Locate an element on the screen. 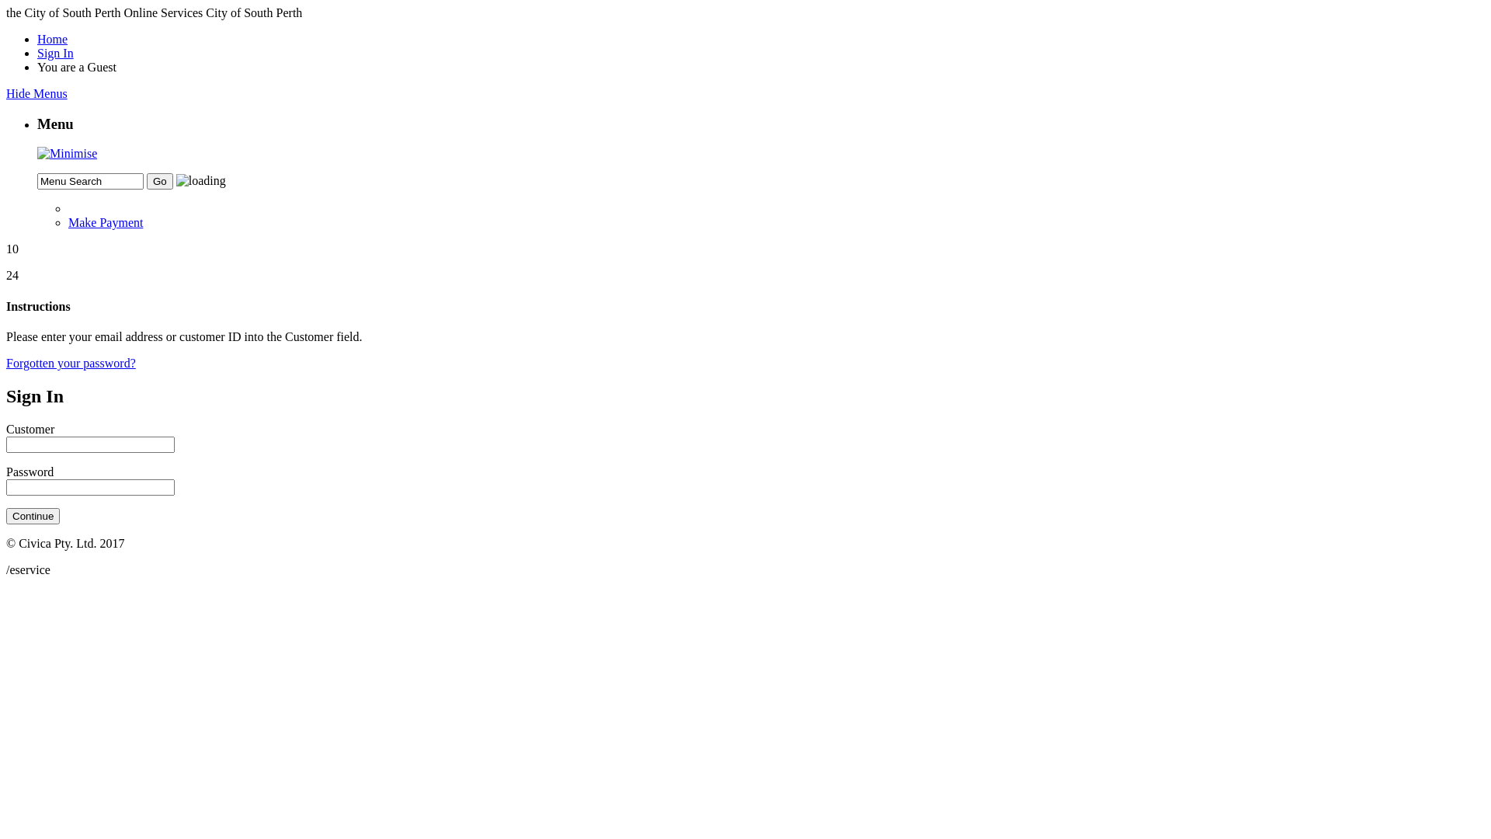 Image resolution: width=1491 pixels, height=839 pixels. 'Continue' is located at coordinates (33, 516).